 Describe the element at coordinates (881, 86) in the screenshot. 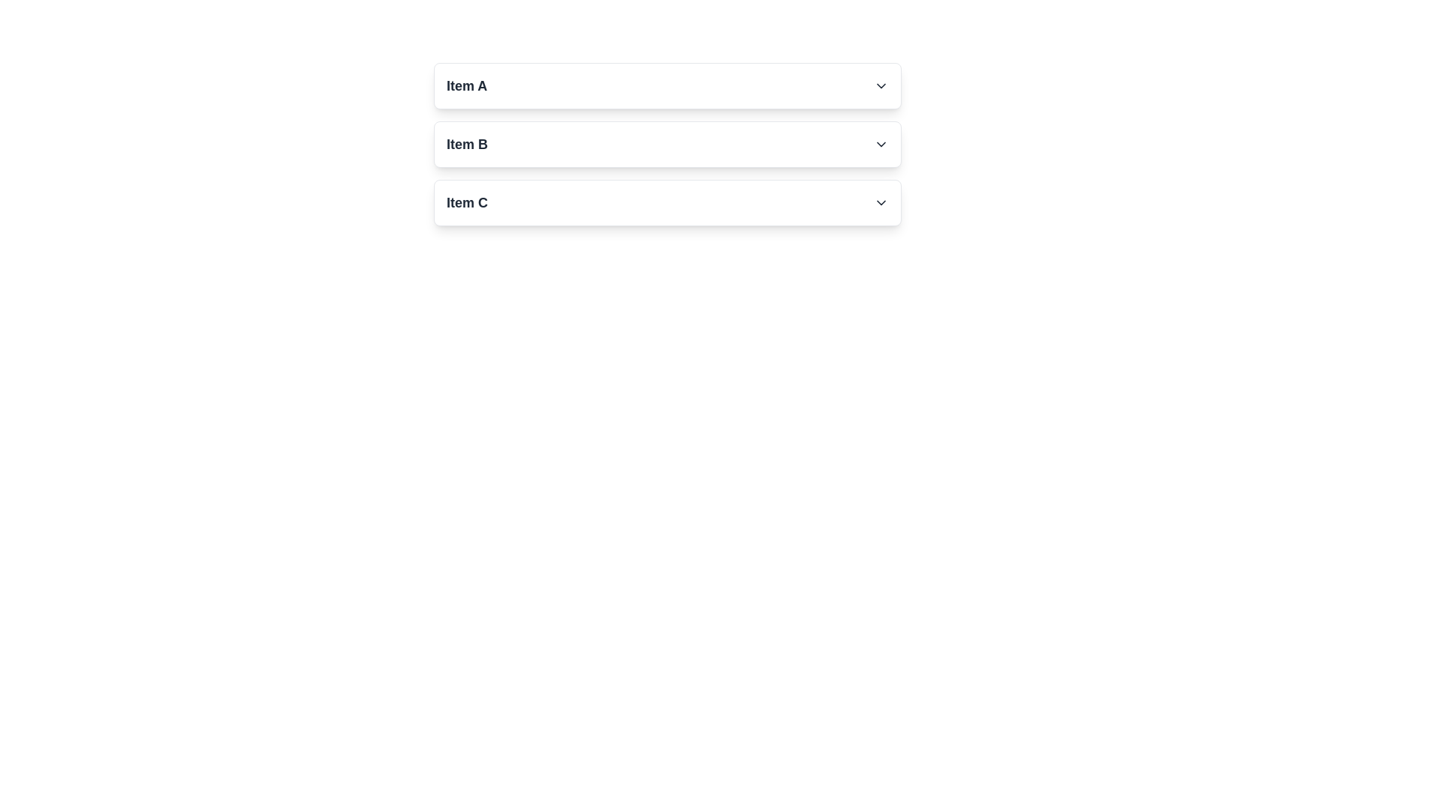

I see `the downward-pointing chevron icon located at the far-right side of 'Item A'` at that location.